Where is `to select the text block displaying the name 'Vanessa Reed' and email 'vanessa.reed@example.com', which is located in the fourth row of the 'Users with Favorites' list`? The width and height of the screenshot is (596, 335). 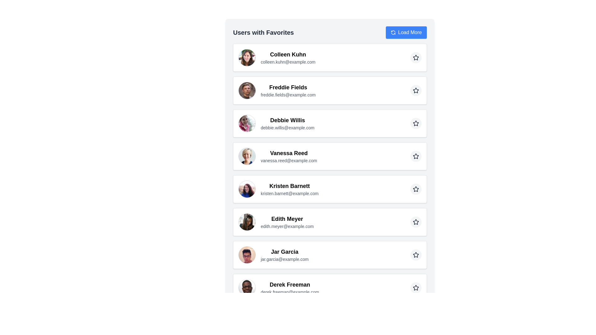
to select the text block displaying the name 'Vanessa Reed' and email 'vanessa.reed@example.com', which is located in the fourth row of the 'Users with Favorites' list is located at coordinates (288, 156).